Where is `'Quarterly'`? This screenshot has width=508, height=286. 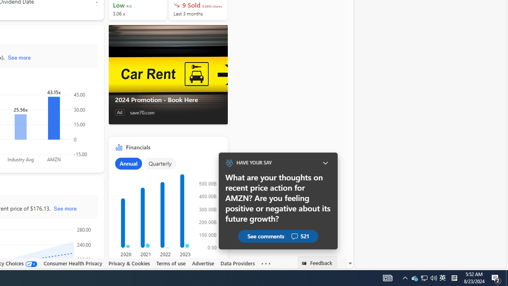 'Quarterly' is located at coordinates (160, 163).